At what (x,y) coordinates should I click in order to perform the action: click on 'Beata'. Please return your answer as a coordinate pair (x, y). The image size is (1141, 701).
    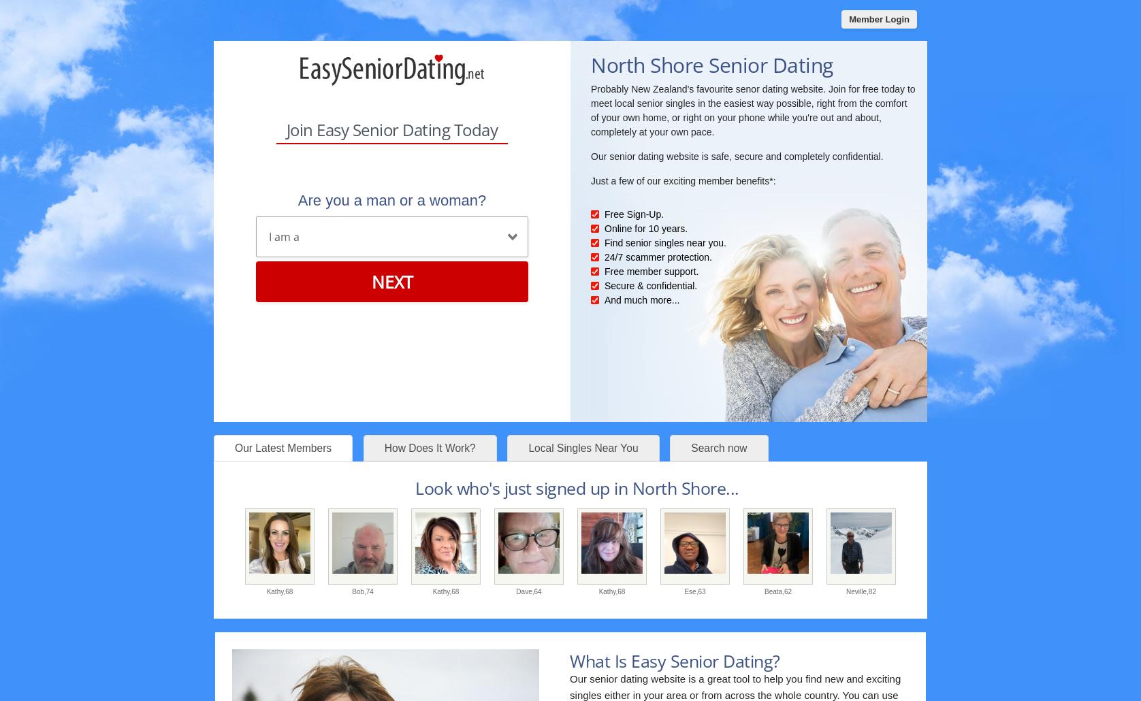
    Looking at the image, I should click on (763, 591).